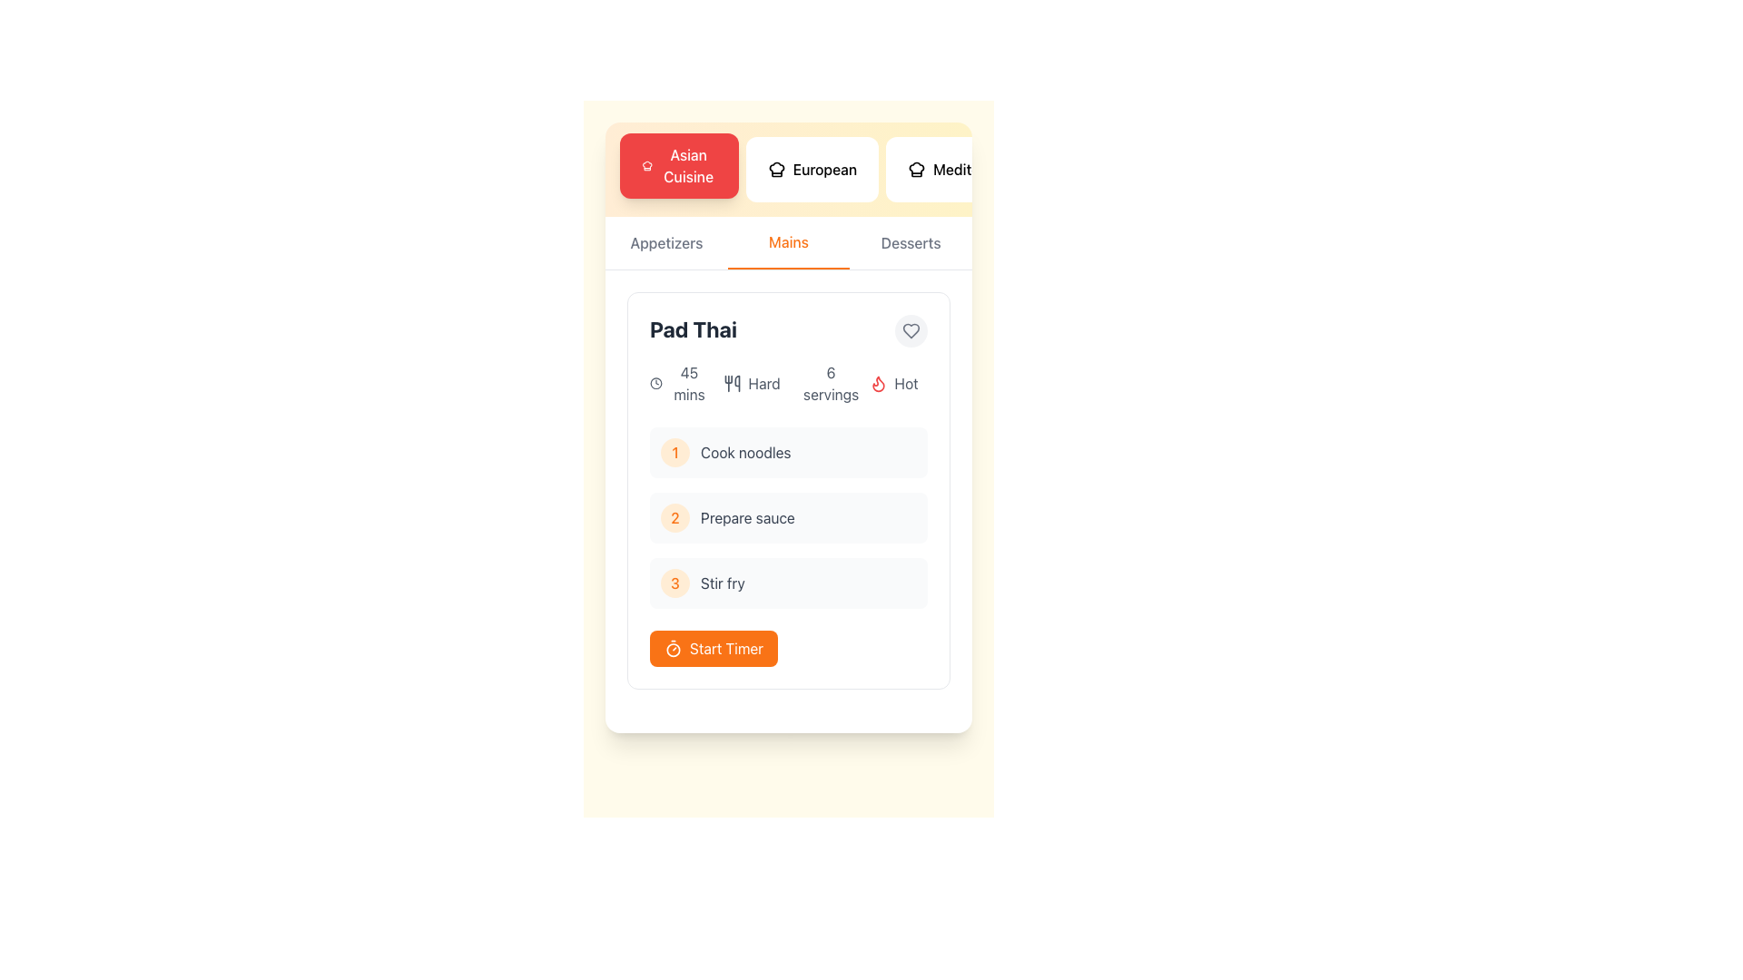 This screenshot has height=980, width=1743. Describe the element at coordinates (726, 647) in the screenshot. I see `the 'Start Timer' button located at the center of the orange button in the recipe card layout to initiate the timer for the cooking process` at that location.